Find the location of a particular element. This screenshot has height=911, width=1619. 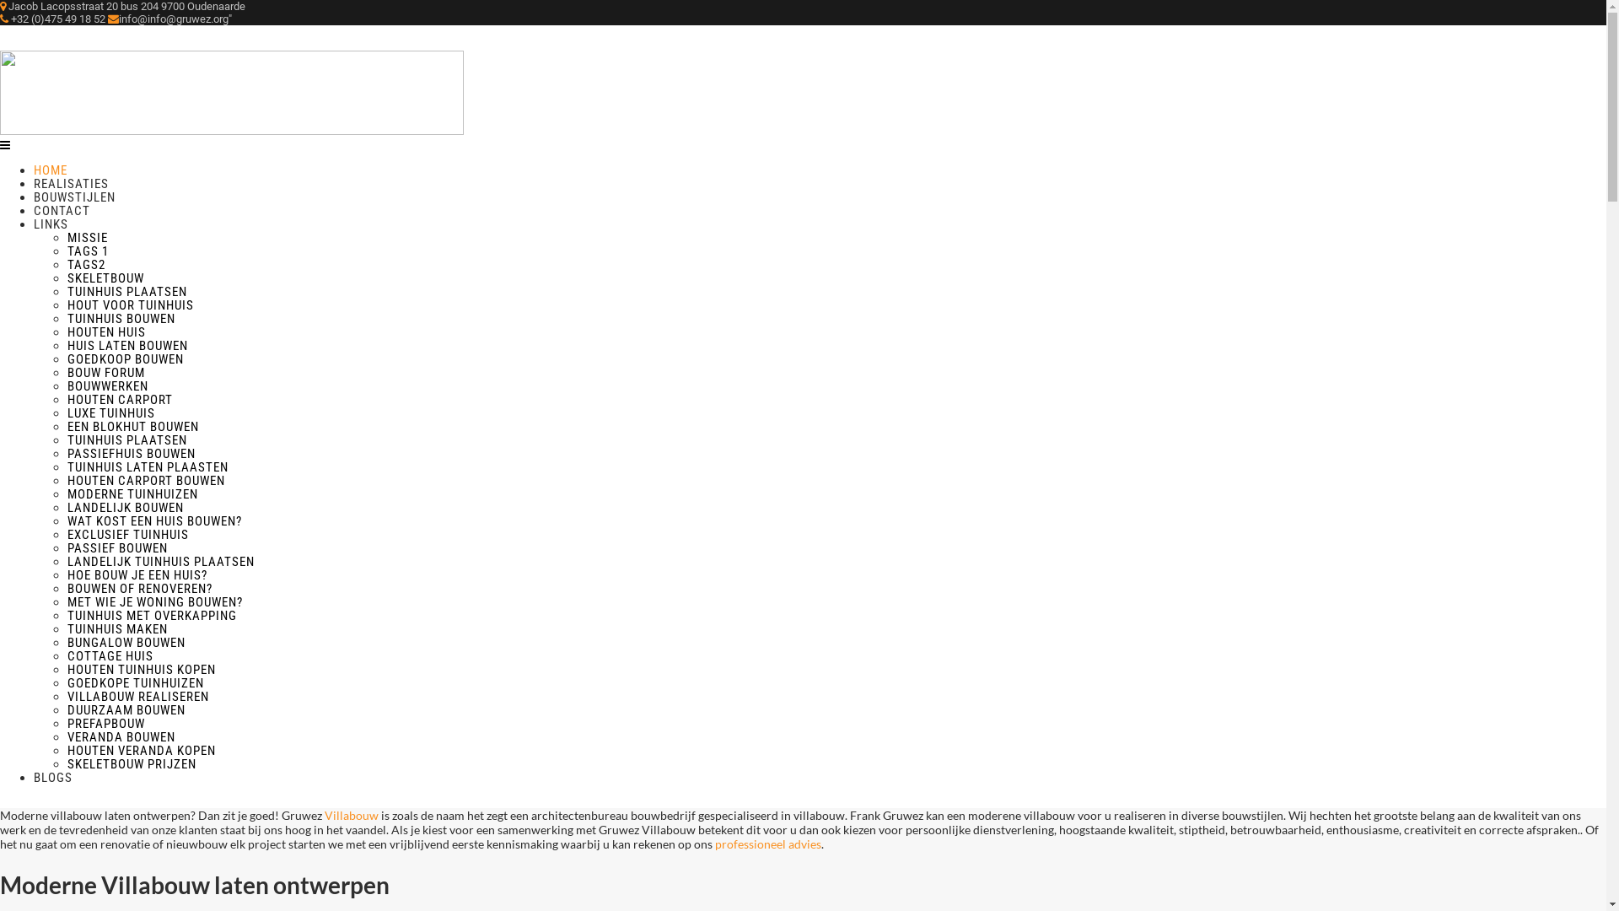

'BUNGALOW BOUWEN' is located at coordinates (67, 643).